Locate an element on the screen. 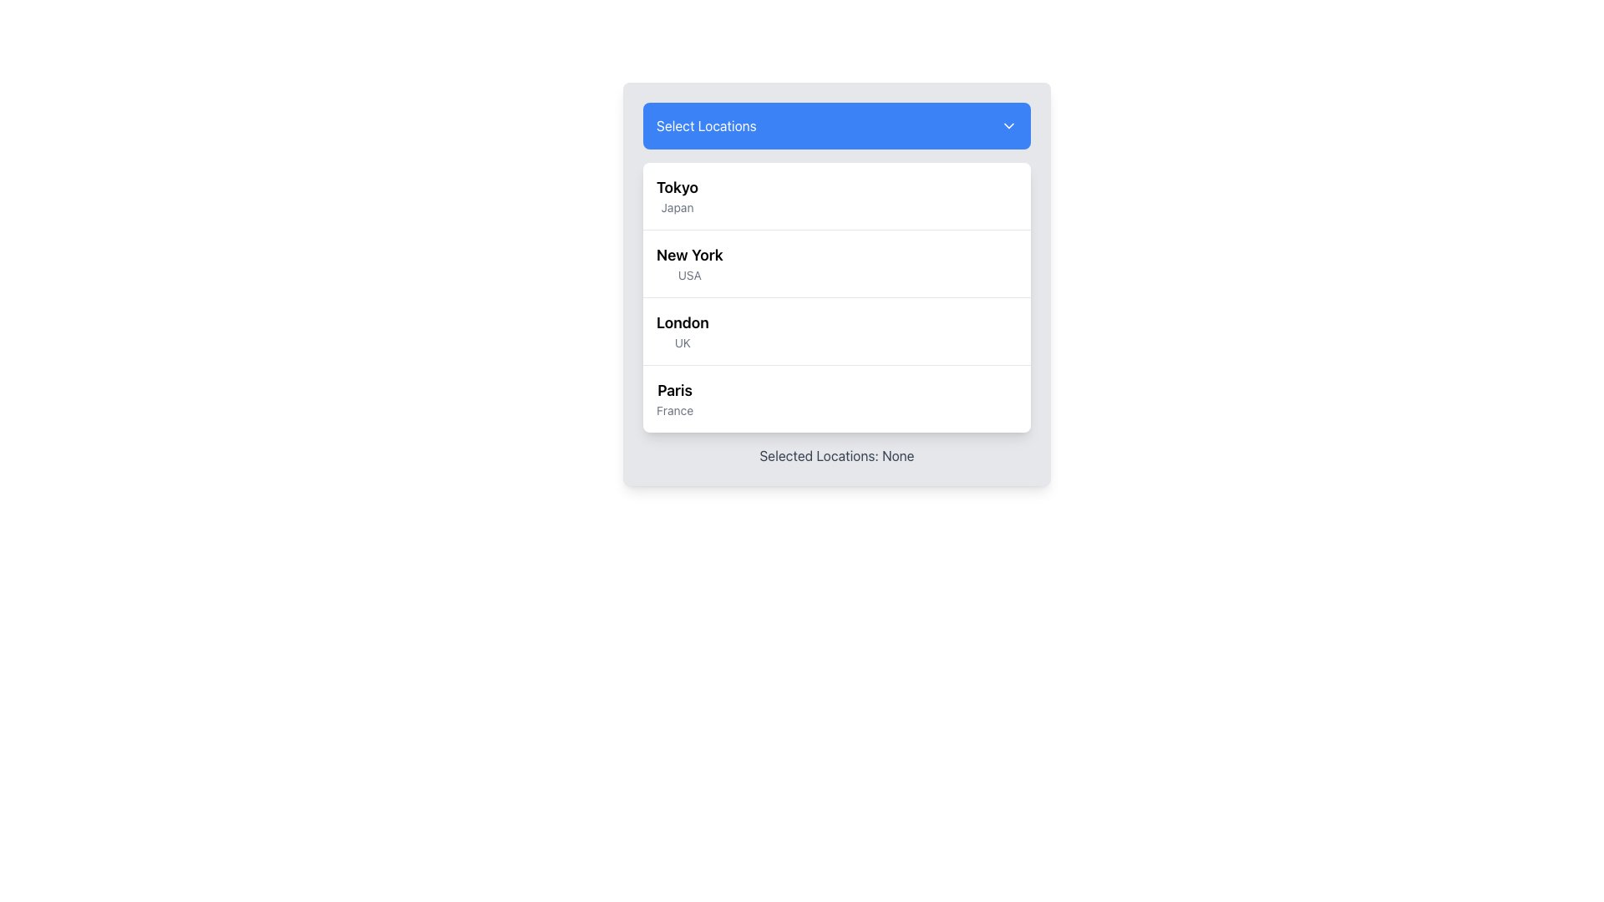 The width and height of the screenshot is (1604, 902). the 'New York' text label, which is the second item in the 'Select Locations' dropdown menu, located between 'Tokyo, Japan' and 'London, UK' is located at coordinates (689, 263).